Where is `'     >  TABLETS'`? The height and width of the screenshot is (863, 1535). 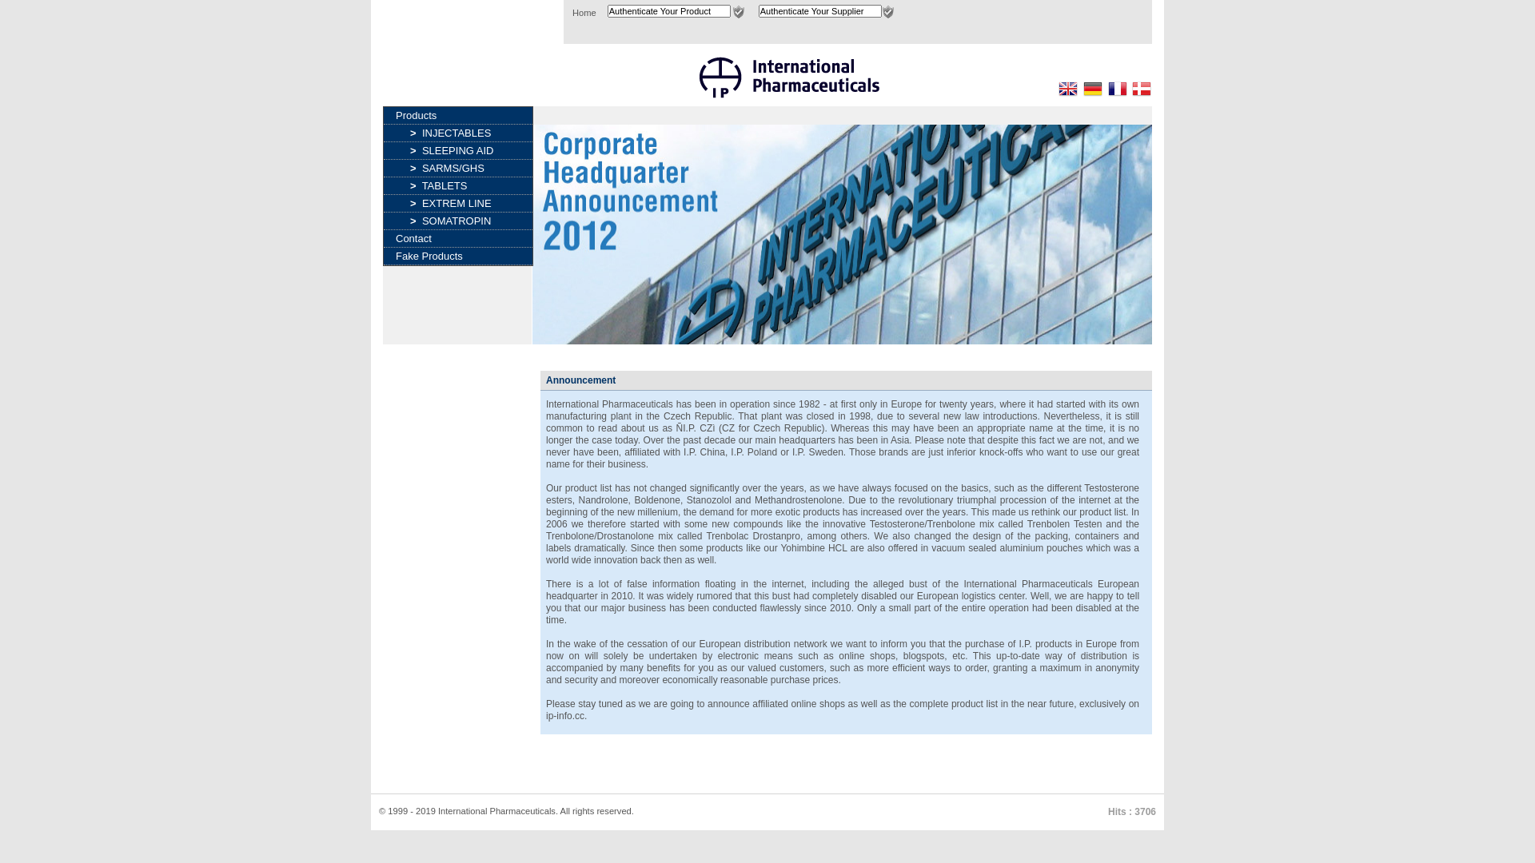 '     >  TABLETS' is located at coordinates (457, 185).